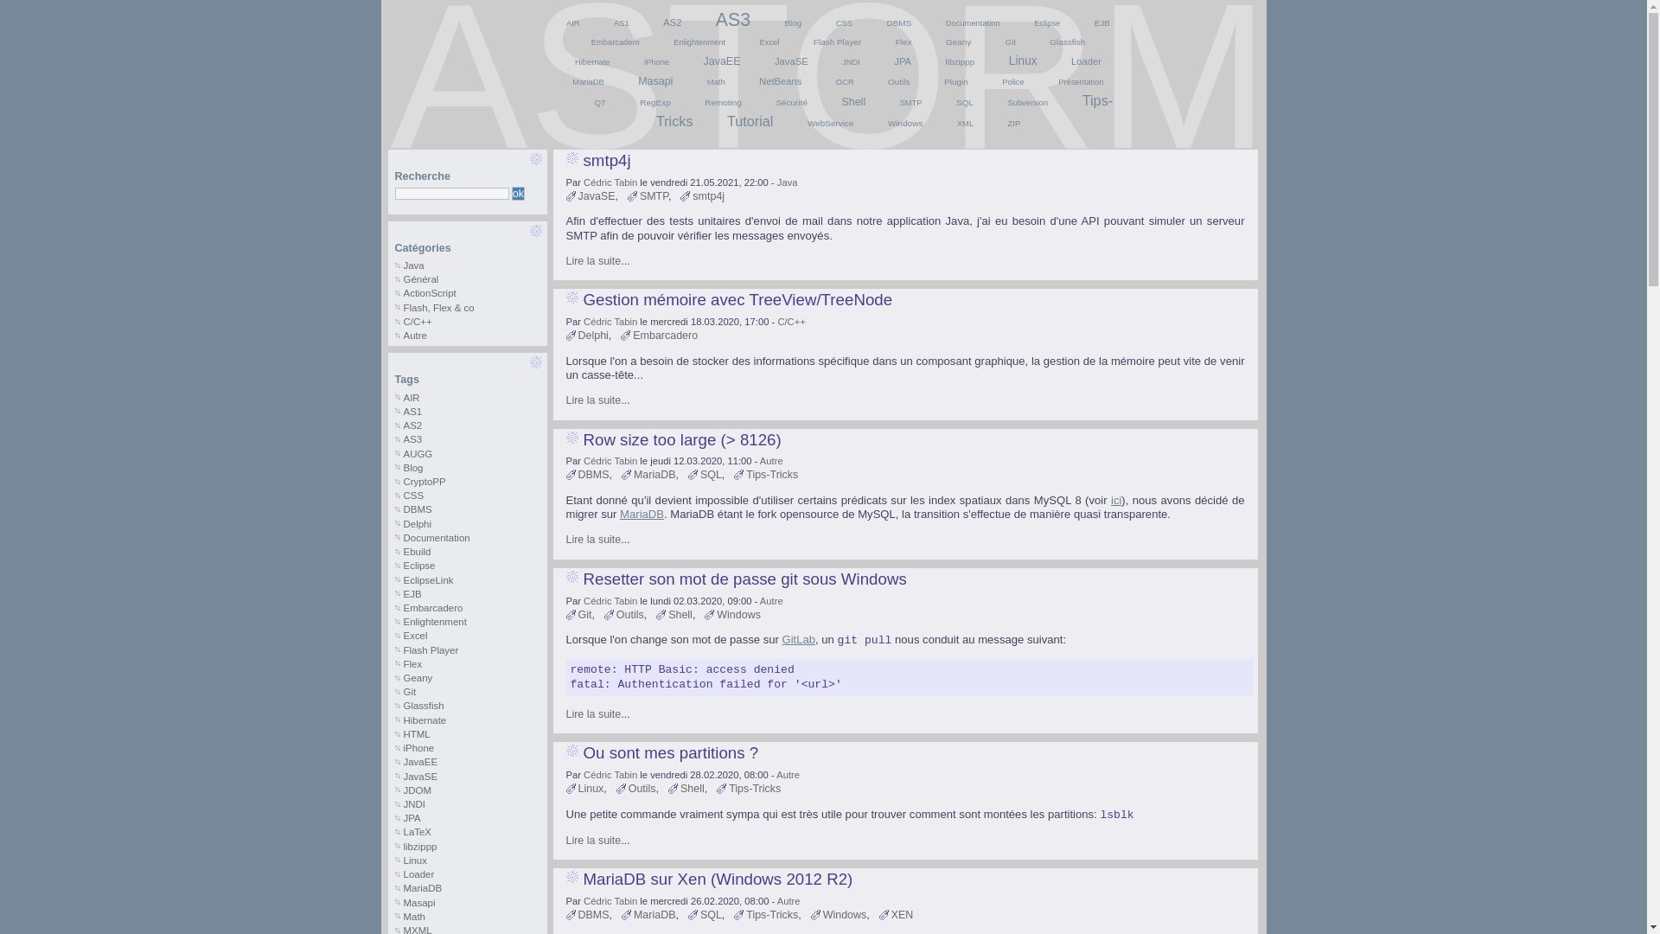  Describe the element at coordinates (669, 752) in the screenshot. I see `'Ou sont mes partitions ?'` at that location.